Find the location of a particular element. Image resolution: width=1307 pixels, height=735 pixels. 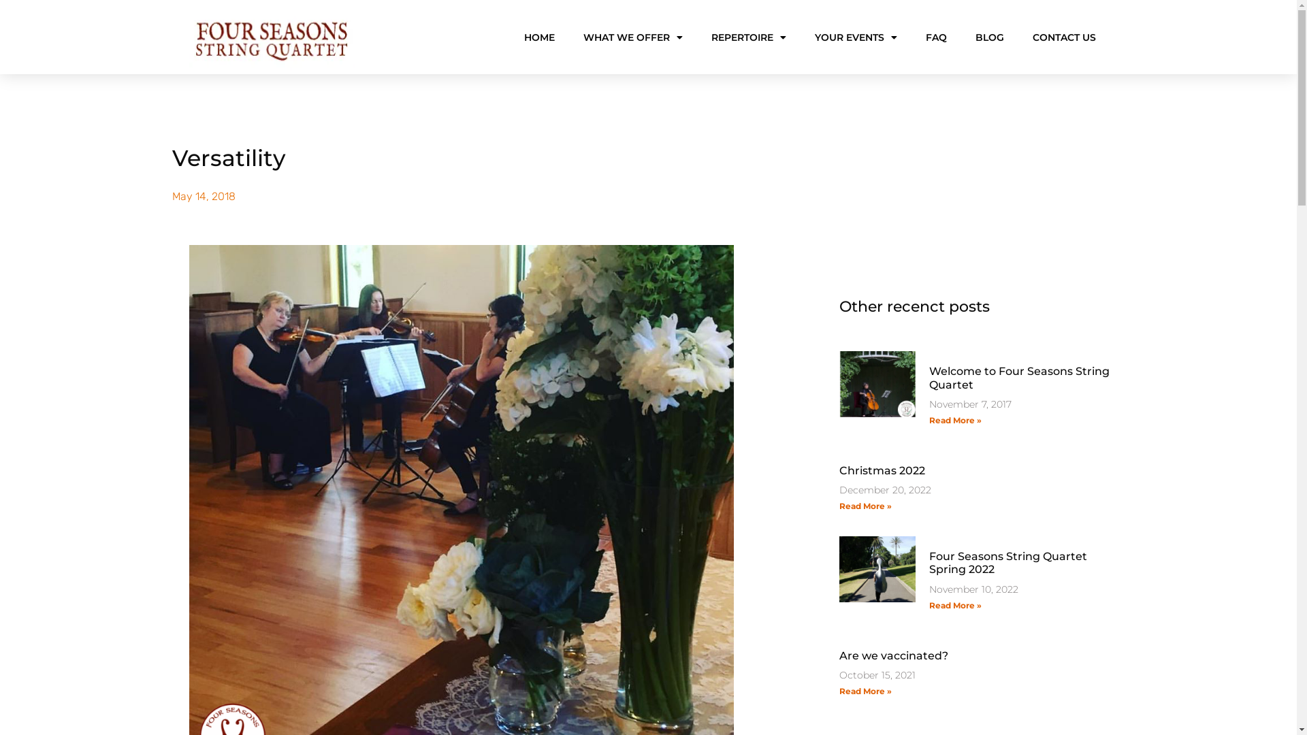

'Christmas 2022' is located at coordinates (882, 470).